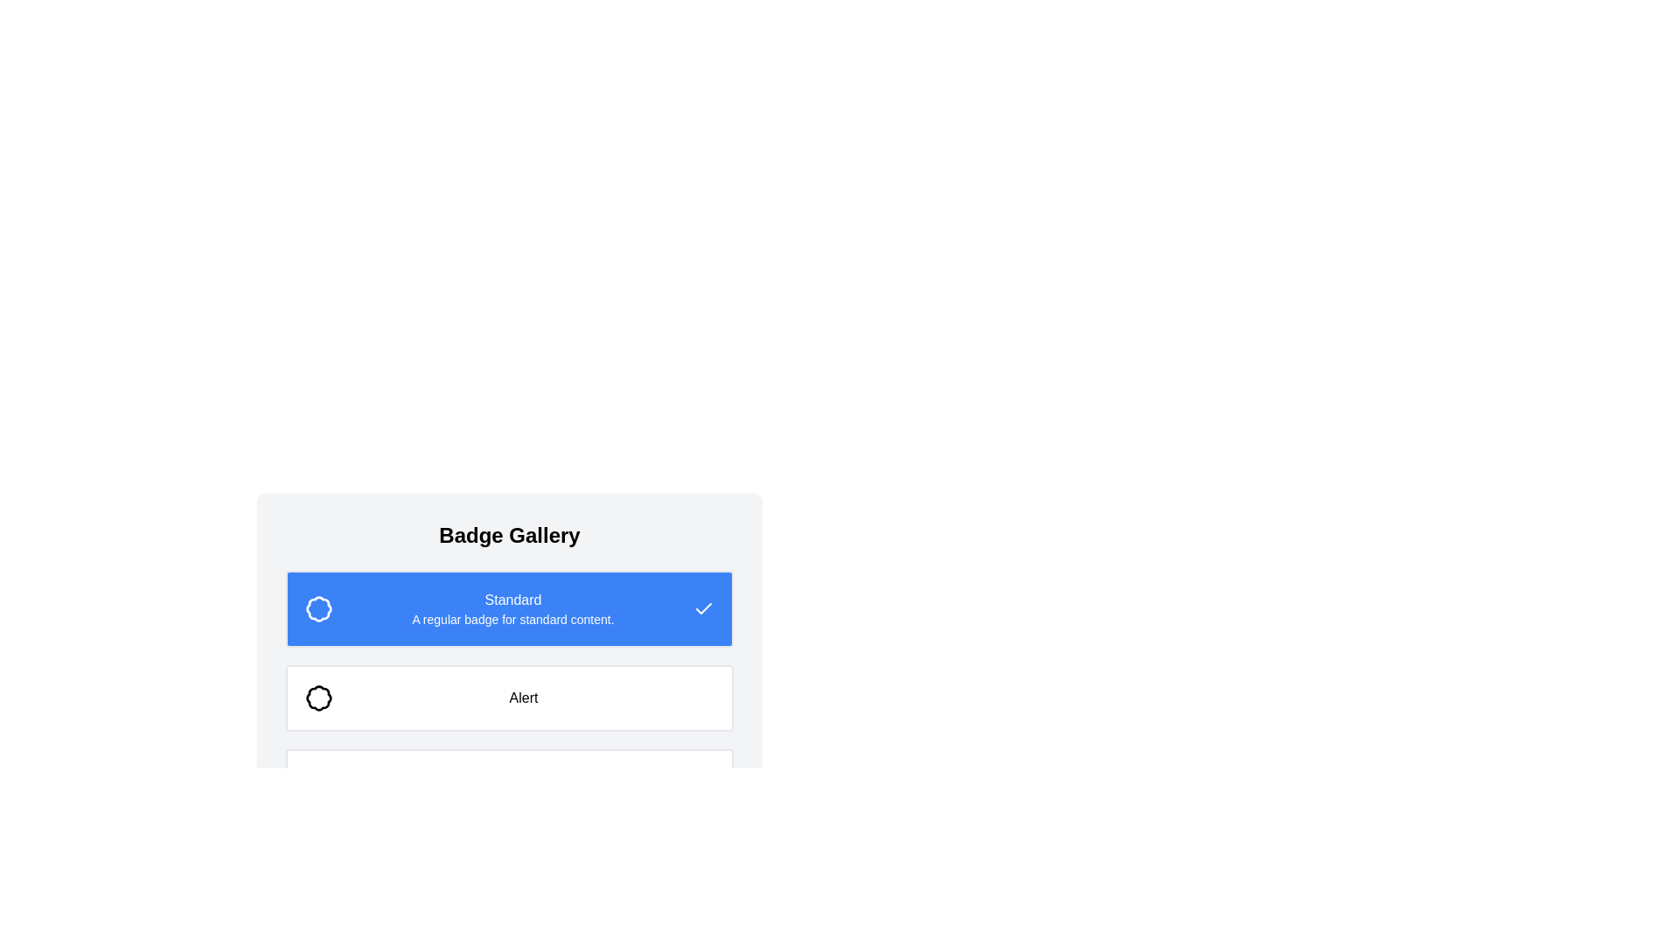 The image size is (1679, 944). Describe the element at coordinates (704, 608) in the screenshot. I see `the icon located in the right region of the blue section that indicates selection or activity for the text 'Standard A regular badge for standard content.'` at that location.